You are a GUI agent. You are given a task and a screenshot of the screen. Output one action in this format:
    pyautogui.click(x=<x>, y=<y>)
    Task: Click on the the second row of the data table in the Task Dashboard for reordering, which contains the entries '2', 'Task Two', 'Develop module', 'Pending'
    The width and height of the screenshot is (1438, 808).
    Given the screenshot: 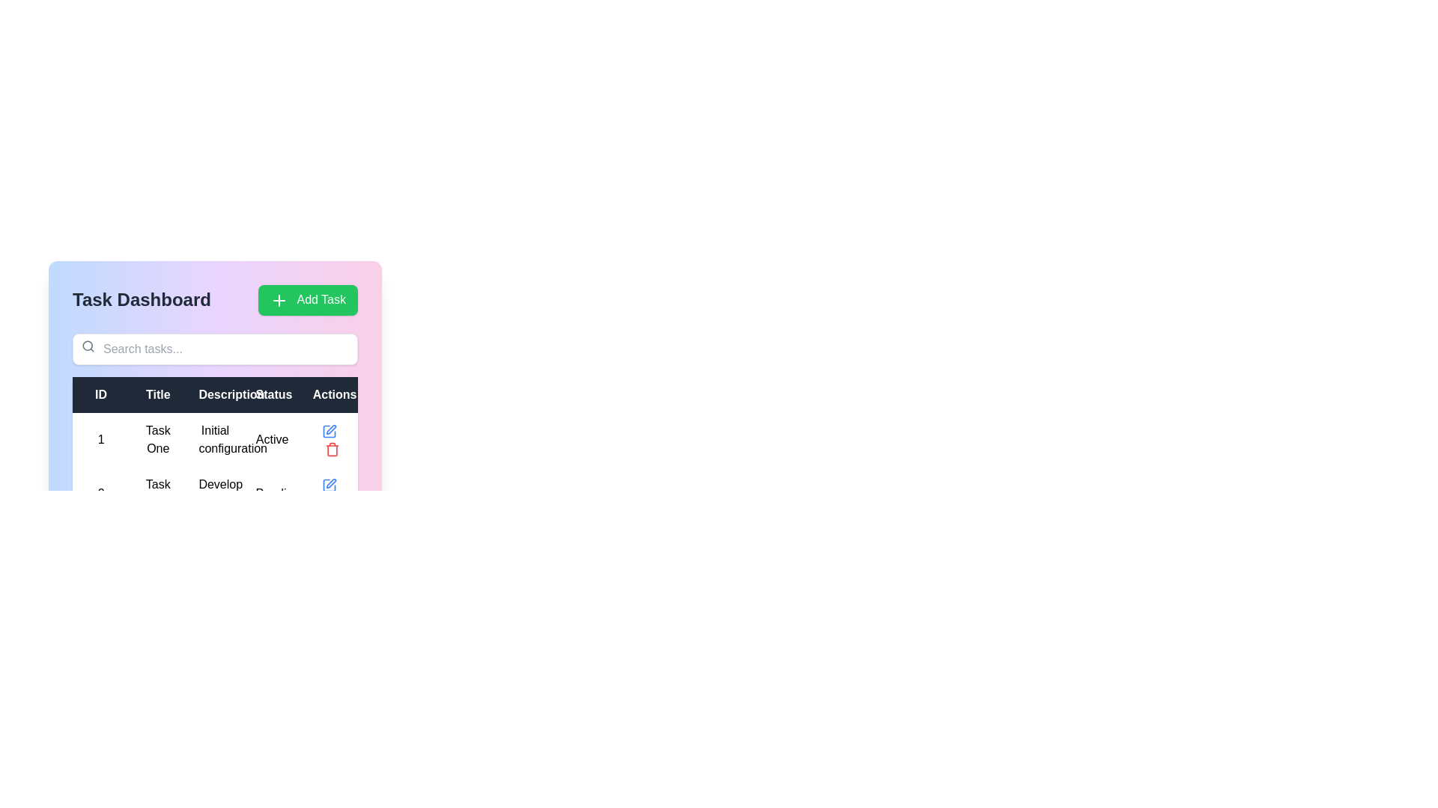 What is the action you would take?
    pyautogui.click(x=214, y=493)
    